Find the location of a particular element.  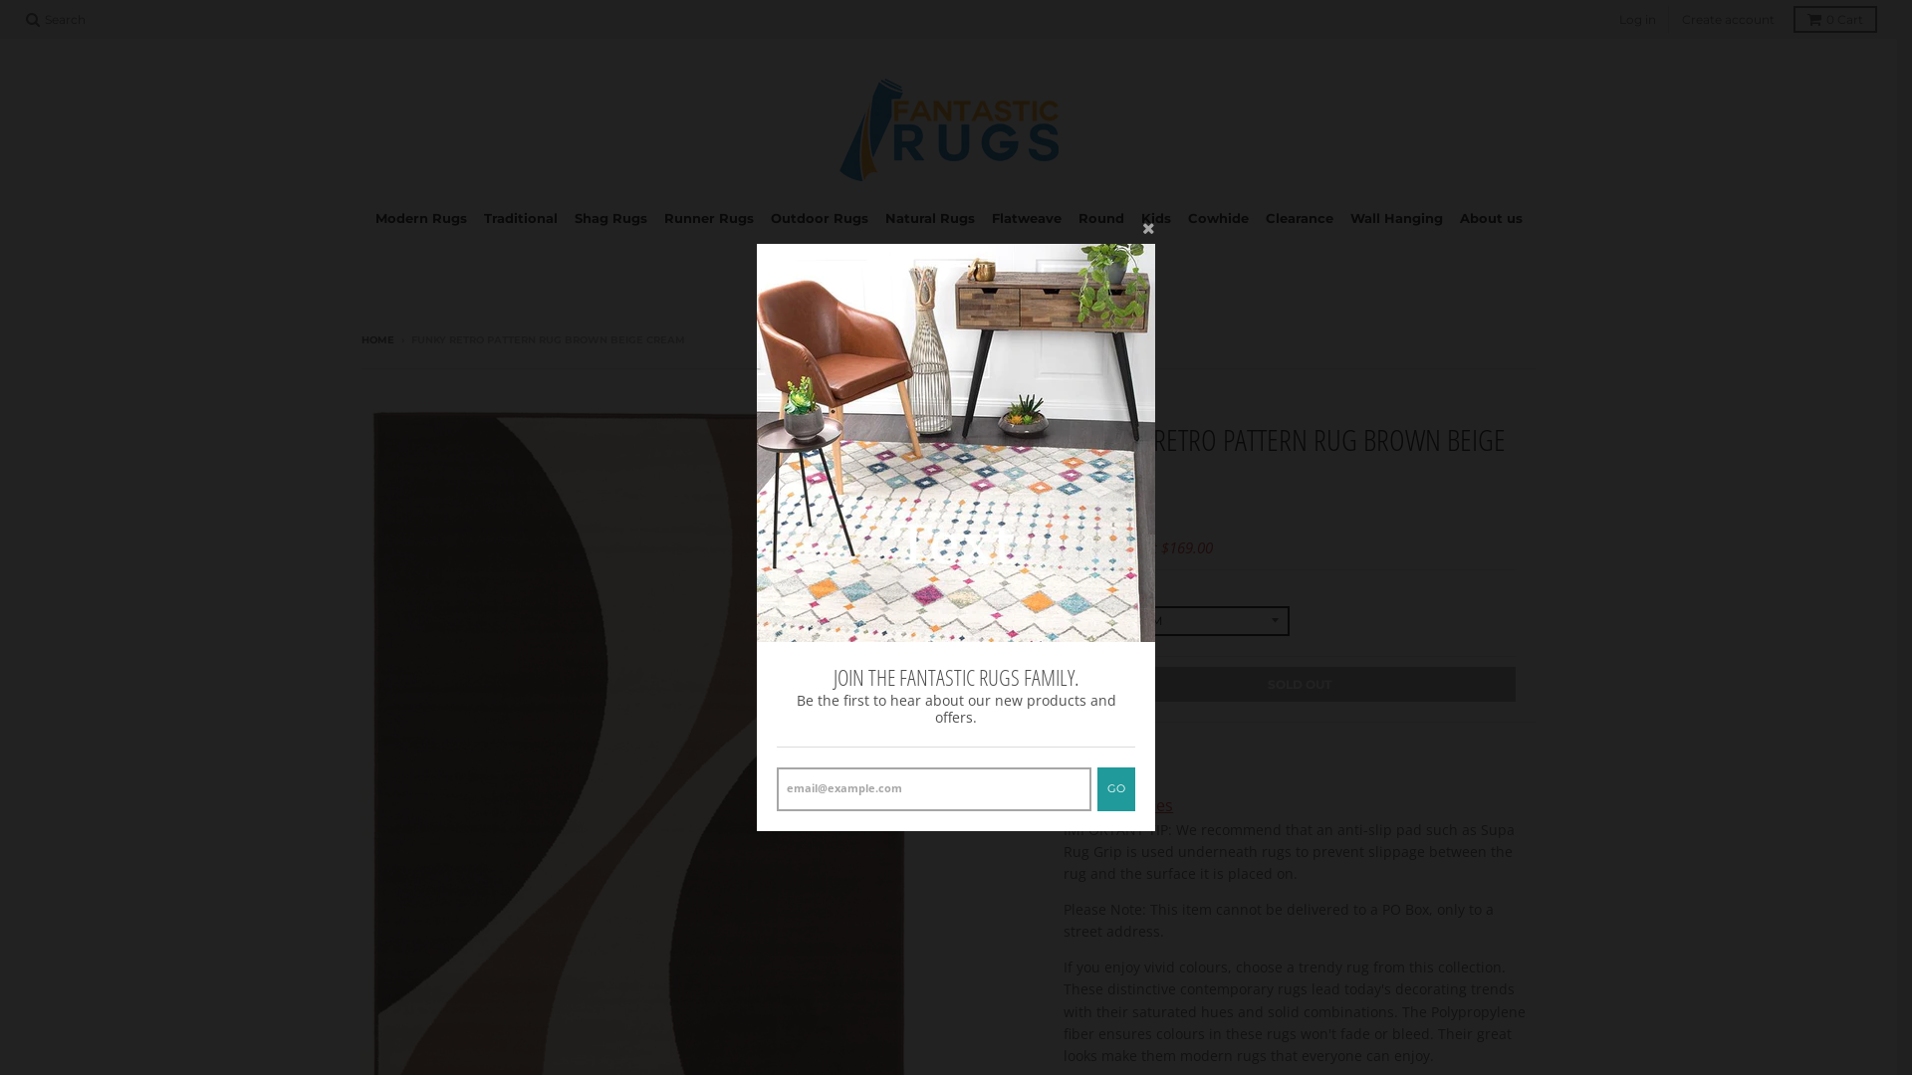

'About us' is located at coordinates (1490, 218).